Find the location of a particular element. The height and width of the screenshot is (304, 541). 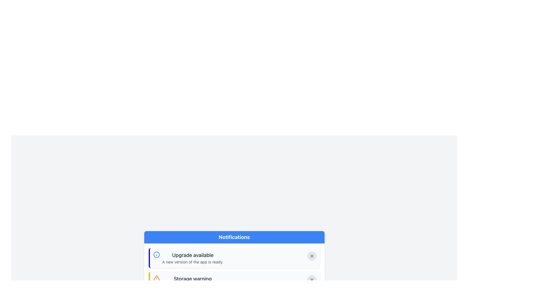

the circular gray button with a cross icon located at the top-right corner of the notification card is located at coordinates (311, 256).